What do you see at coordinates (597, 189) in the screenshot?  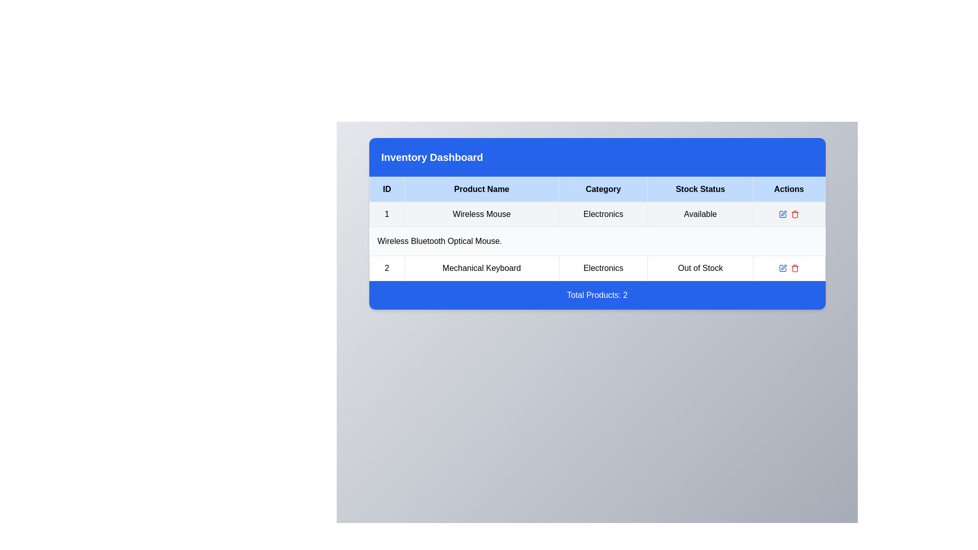 I see `column names displayed in the table header row, which includes 'ID', 'Product Name', 'Category', 'Stock Status', and 'Actions'` at bounding box center [597, 189].